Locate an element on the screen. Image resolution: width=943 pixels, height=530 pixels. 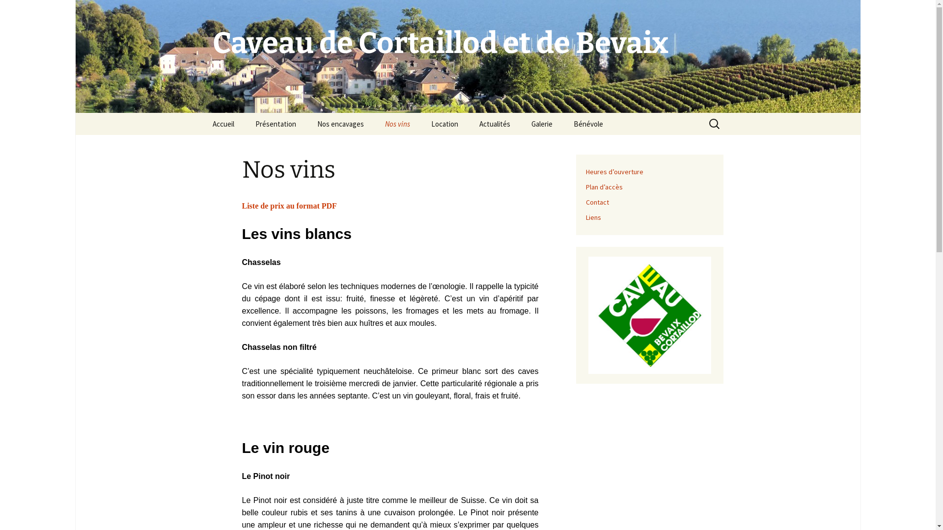
'Liens' is located at coordinates (585, 217).